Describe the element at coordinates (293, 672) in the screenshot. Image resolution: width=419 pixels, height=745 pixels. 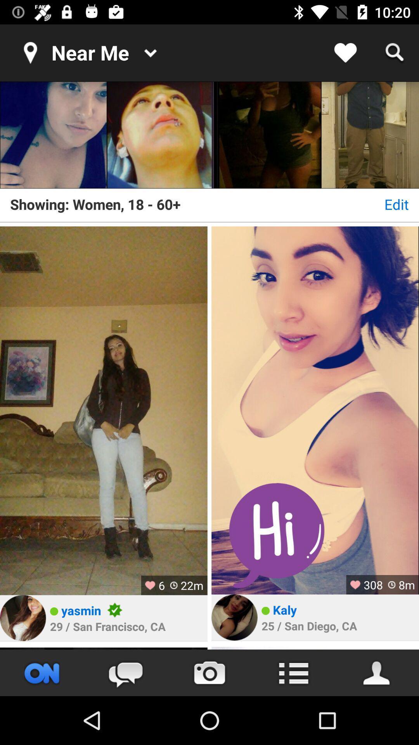
I see `the list icon` at that location.